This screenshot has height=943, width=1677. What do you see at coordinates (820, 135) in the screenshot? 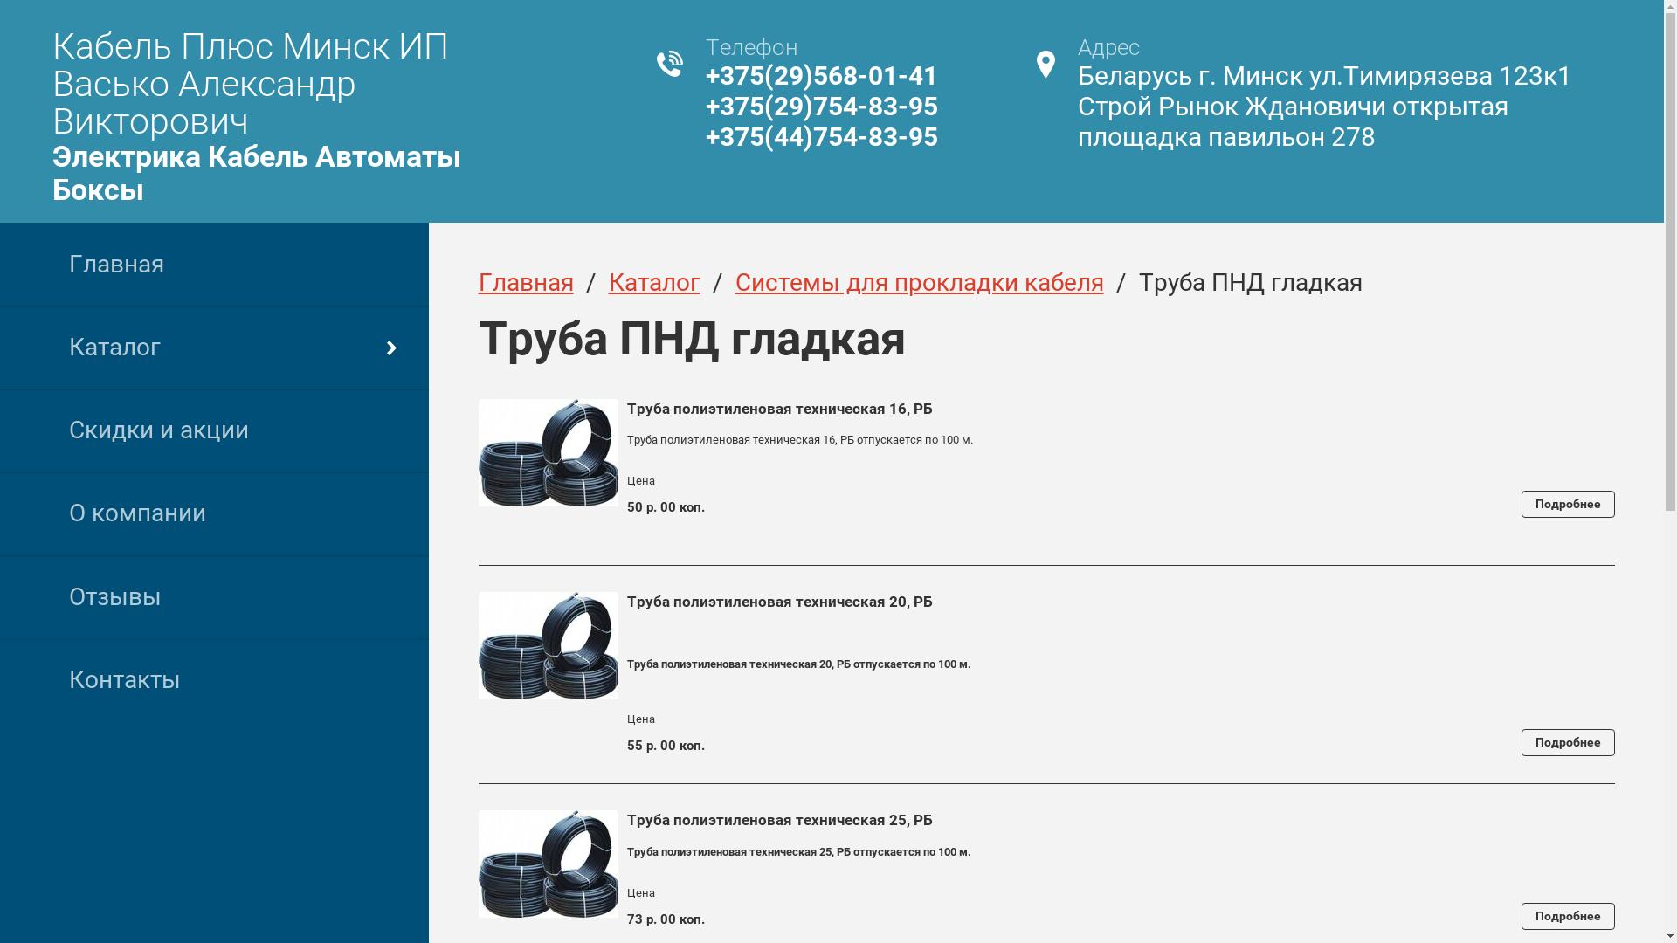
I see `'+375(44)754-83-95'` at bounding box center [820, 135].